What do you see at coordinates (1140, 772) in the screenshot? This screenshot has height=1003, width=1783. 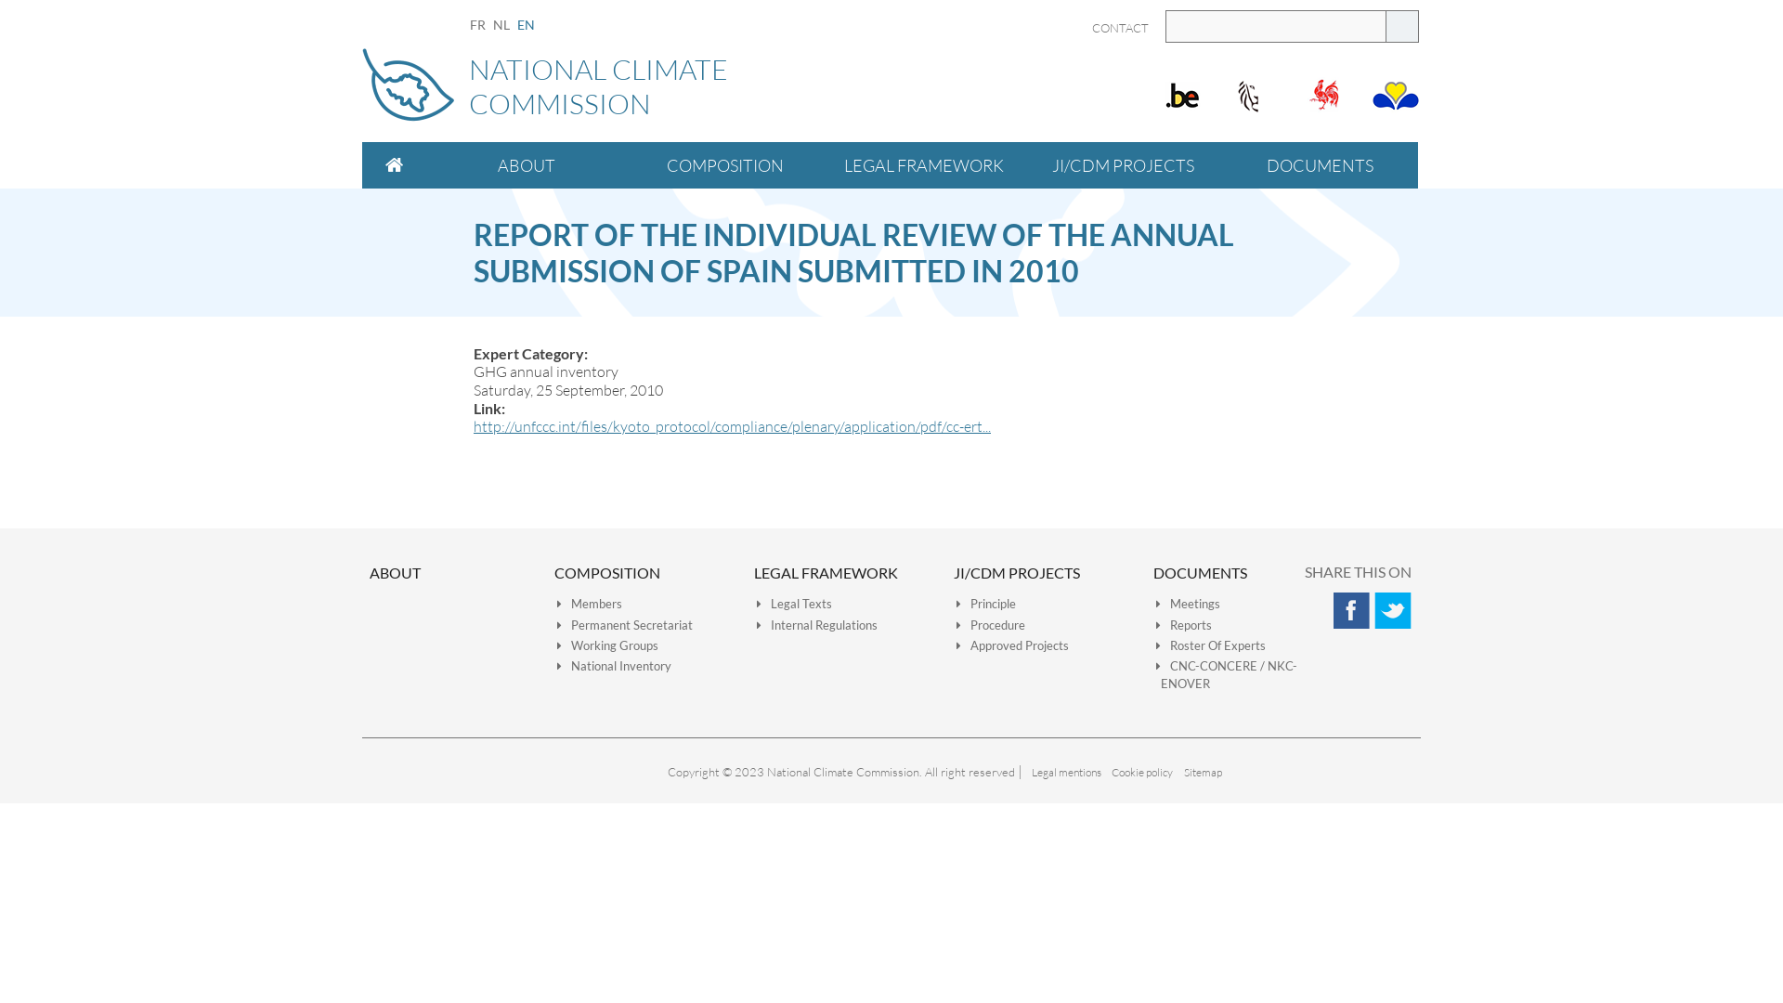 I see `'Cookie policy'` at bounding box center [1140, 772].